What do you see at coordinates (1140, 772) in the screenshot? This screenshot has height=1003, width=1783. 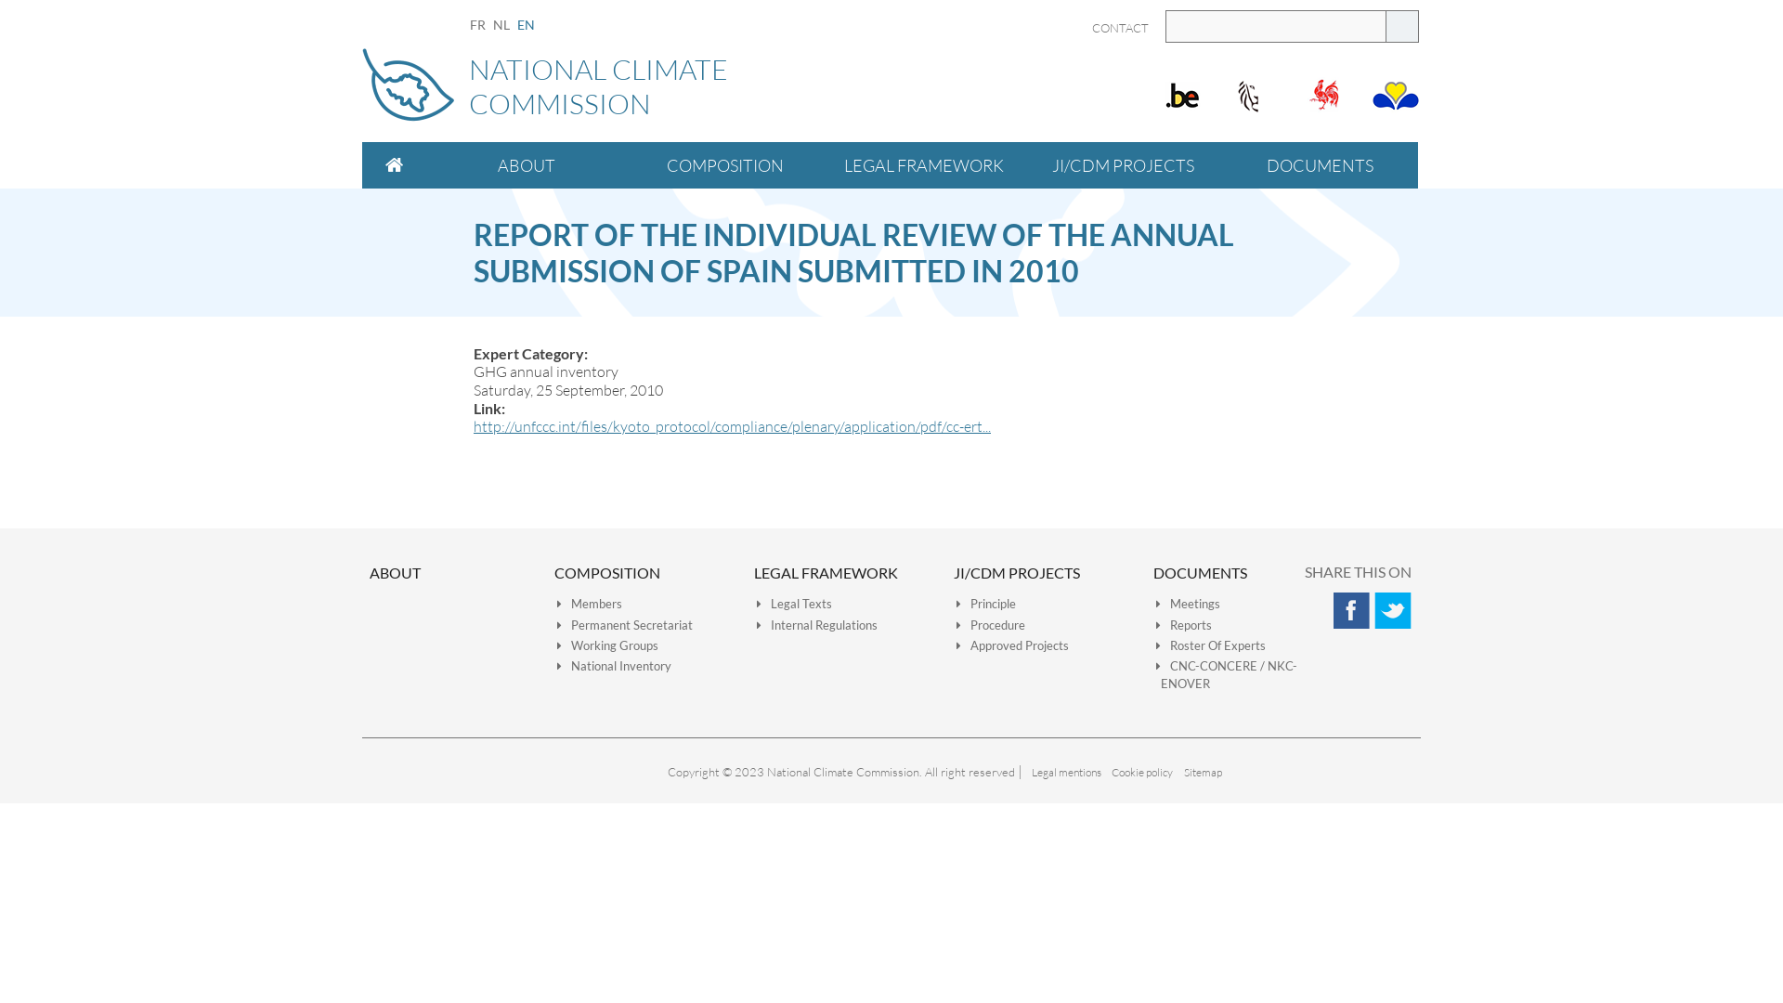 I see `'Cookie policy'` at bounding box center [1140, 772].